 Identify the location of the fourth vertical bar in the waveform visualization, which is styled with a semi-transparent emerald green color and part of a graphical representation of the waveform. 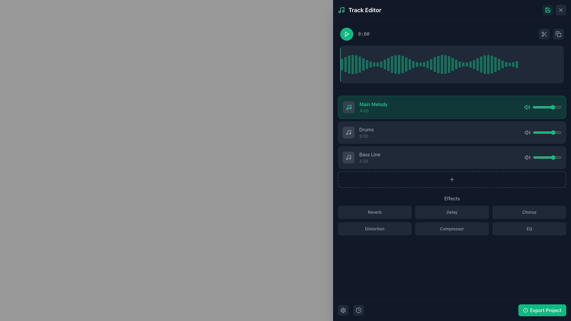
(352, 64).